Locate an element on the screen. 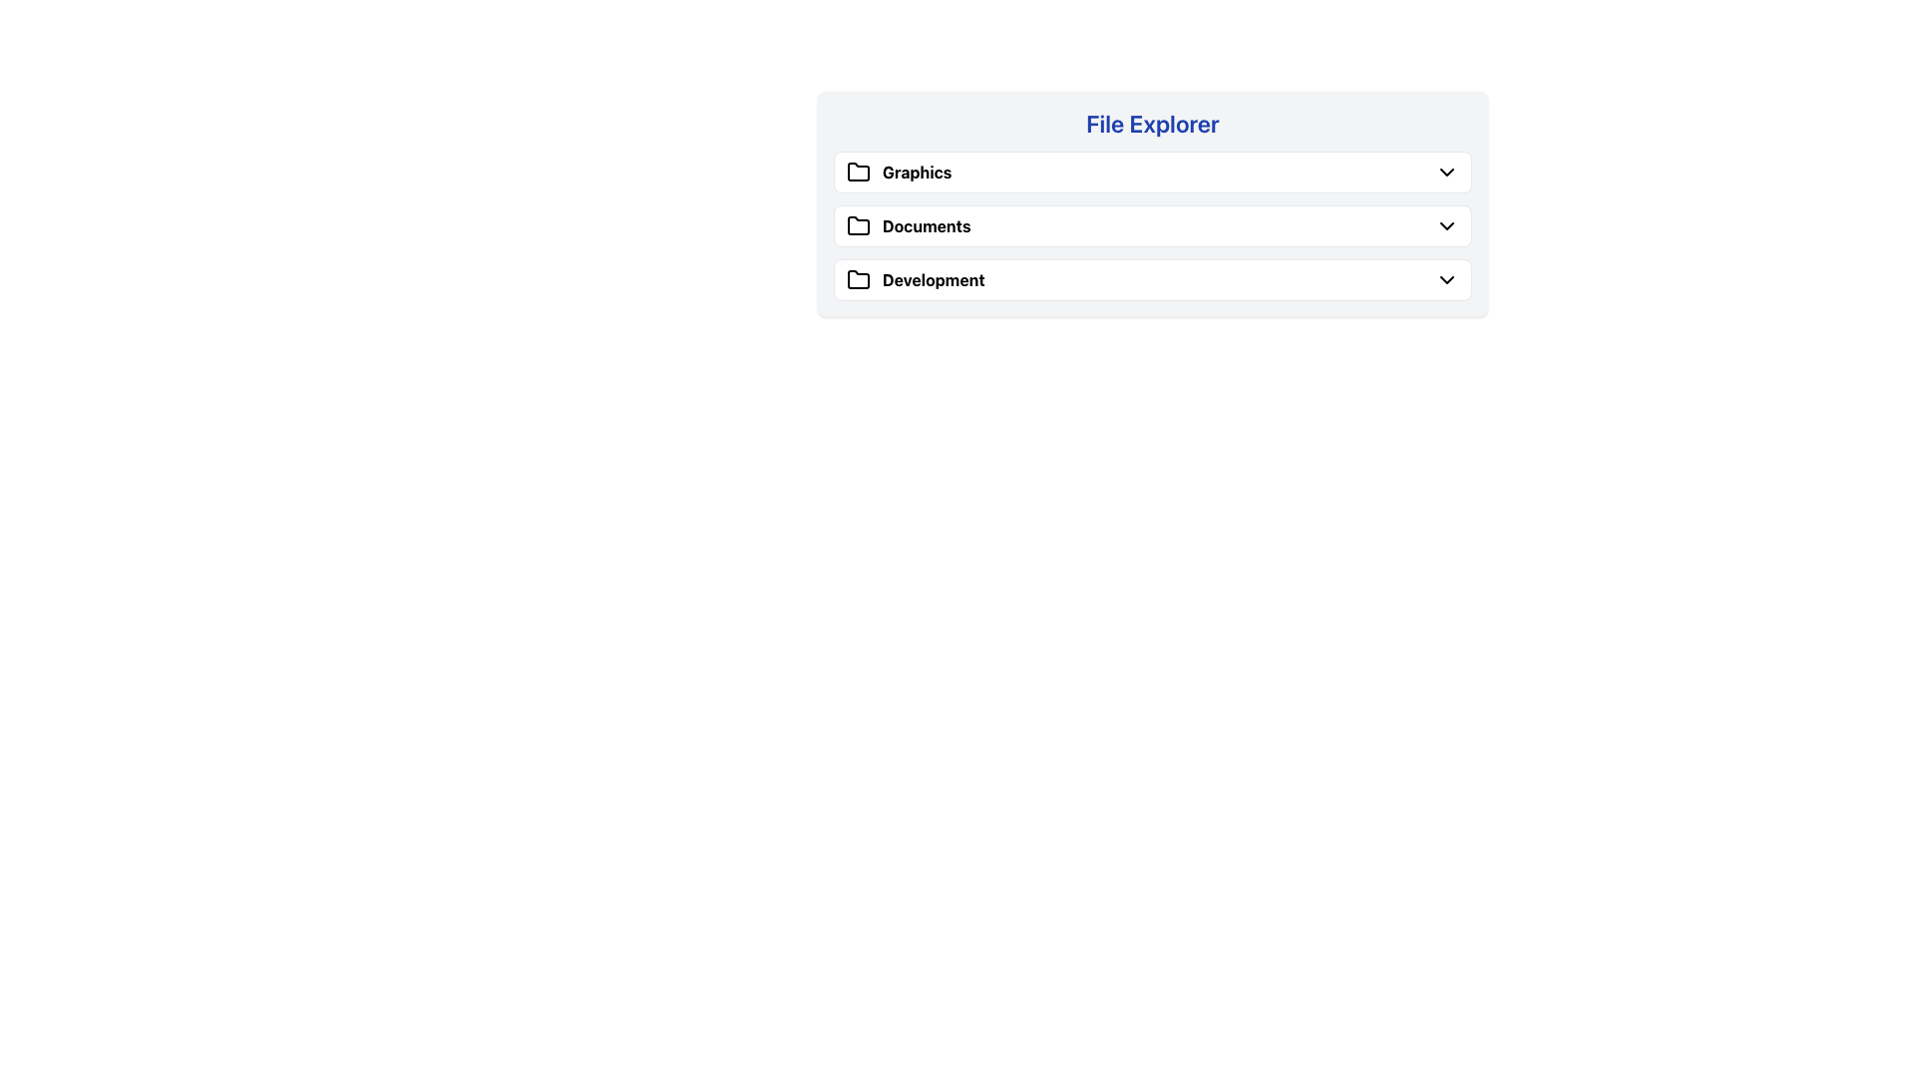  the bold text label 'Documents' located in the 'File Explorer' section is located at coordinates (908, 225).